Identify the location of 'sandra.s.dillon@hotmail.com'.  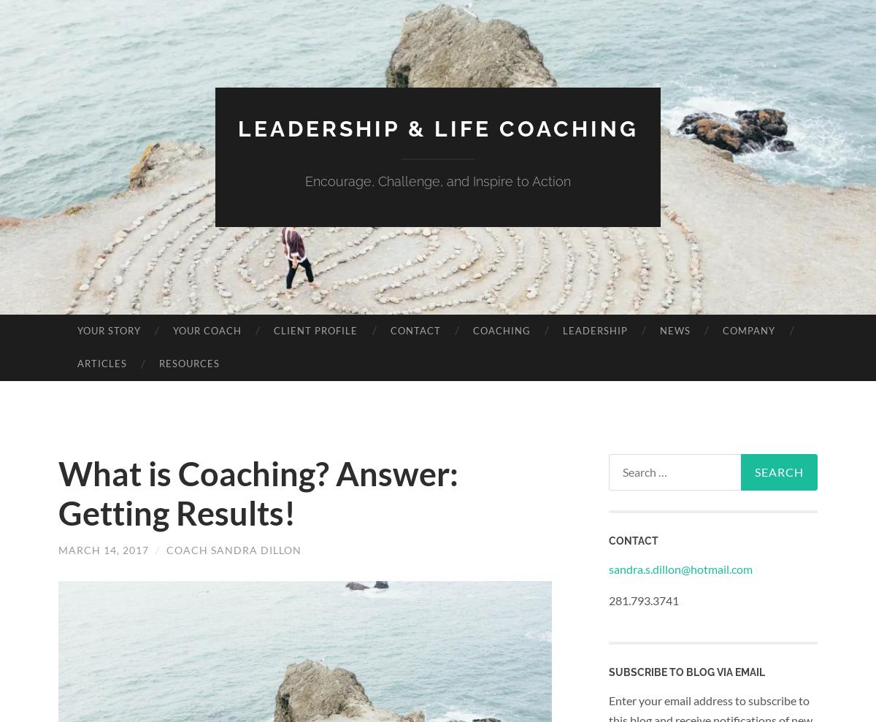
(680, 567).